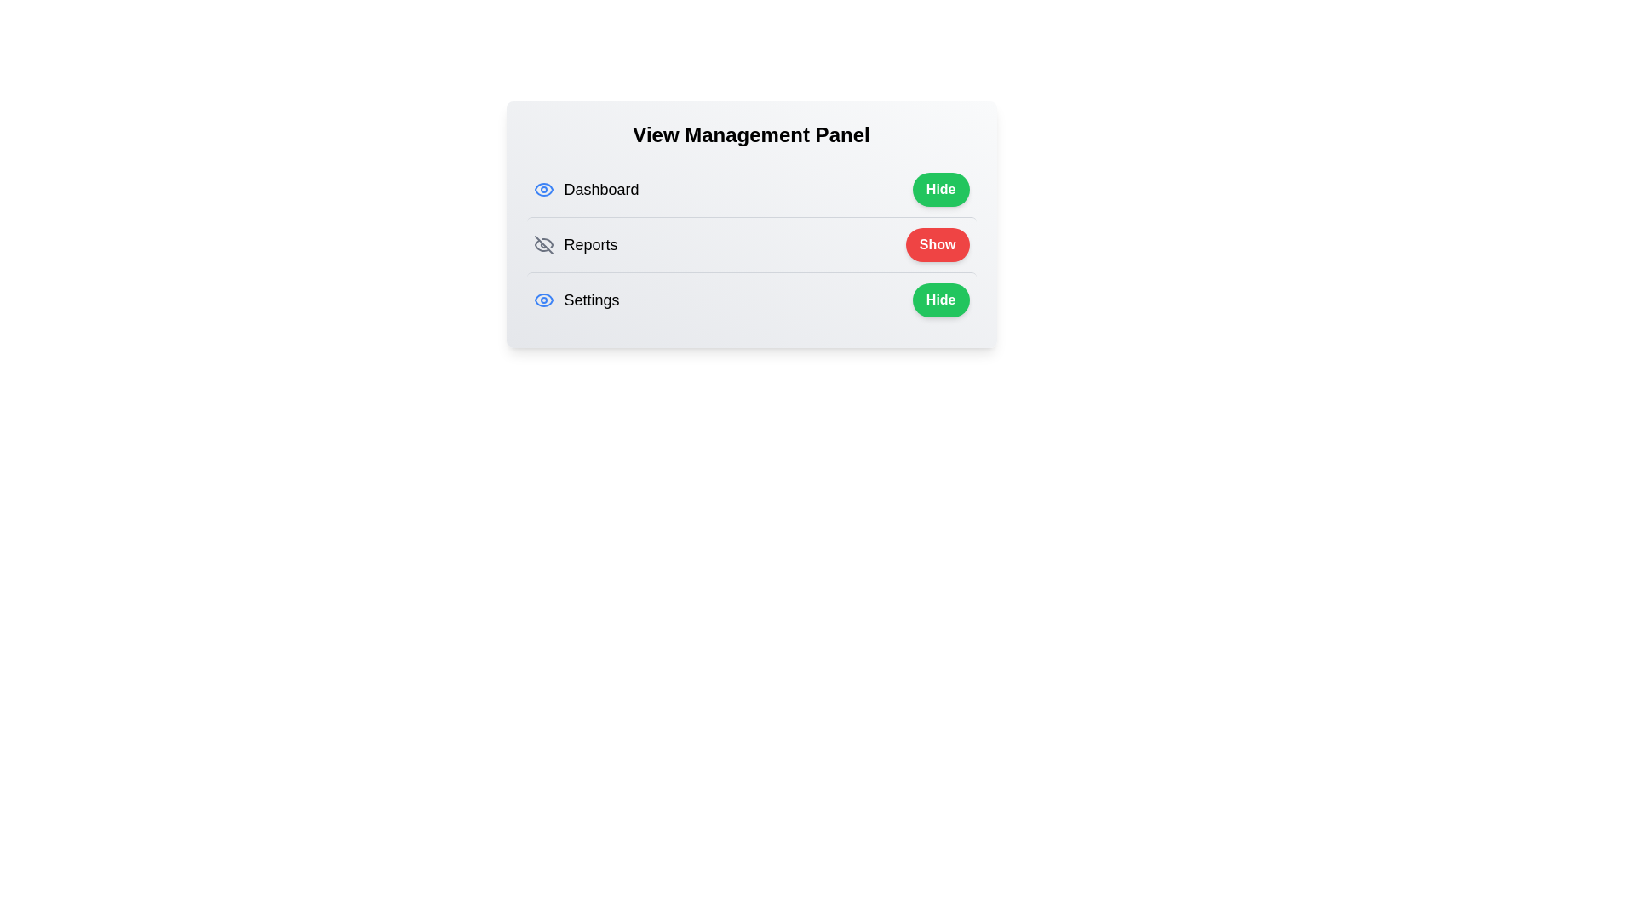 The width and height of the screenshot is (1635, 919). Describe the element at coordinates (937, 245) in the screenshot. I see `the toggle button for Reports to change its visibility` at that location.